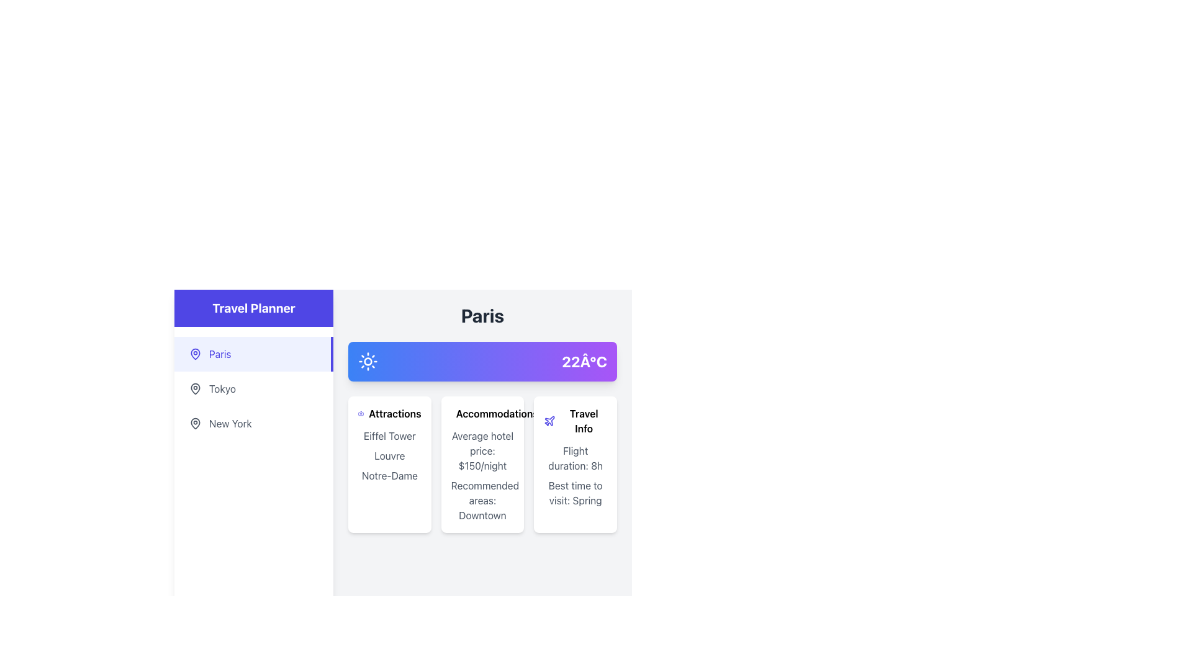  I want to click on small indigo plane icon located to the left of the 'Travel Info' text in the interface, so click(549, 420).